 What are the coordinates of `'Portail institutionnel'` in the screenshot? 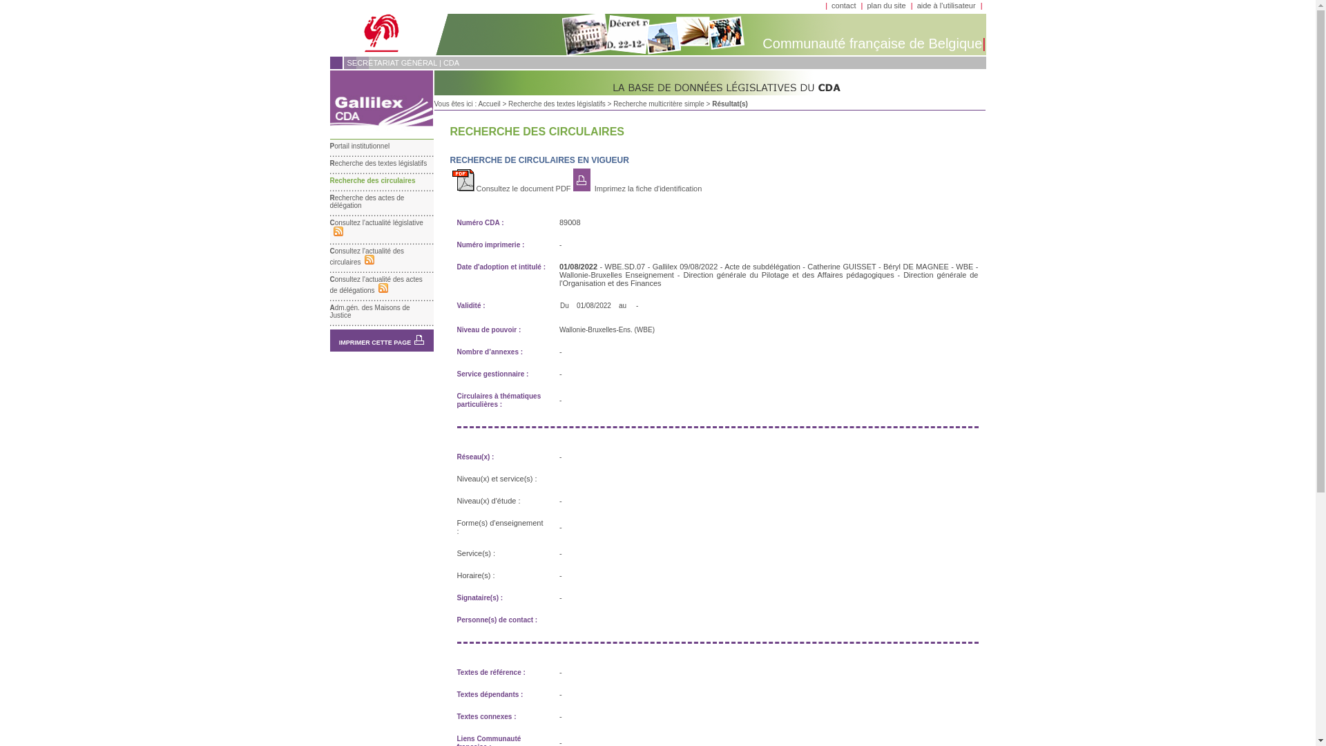 It's located at (360, 146).